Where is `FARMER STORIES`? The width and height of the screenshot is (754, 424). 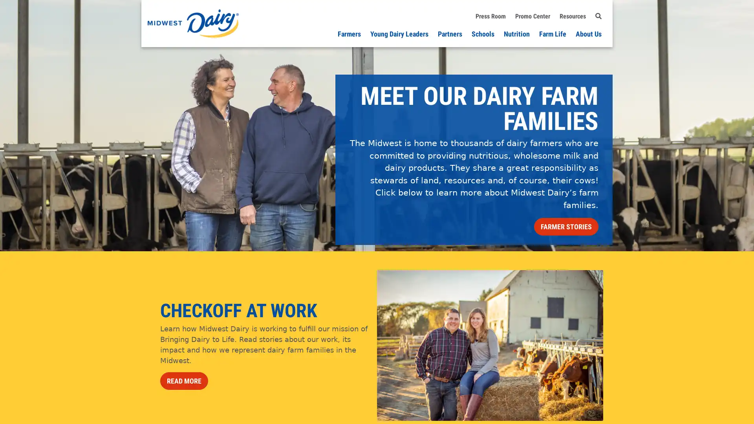
FARMER STORIES is located at coordinates (566, 227).